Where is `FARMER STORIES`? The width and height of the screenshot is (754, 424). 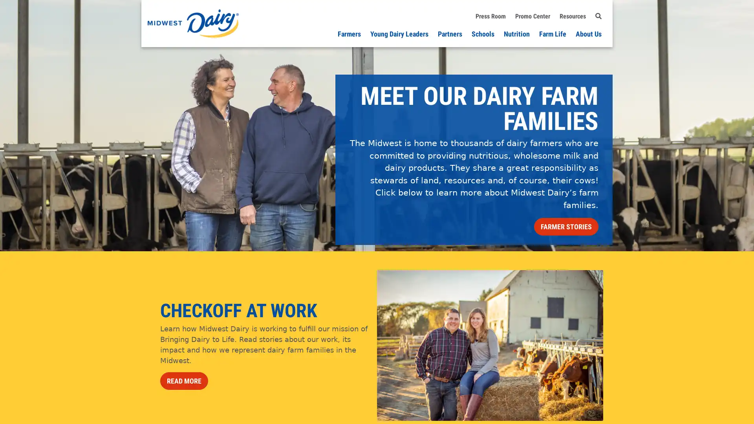
FARMER STORIES is located at coordinates (566, 227).